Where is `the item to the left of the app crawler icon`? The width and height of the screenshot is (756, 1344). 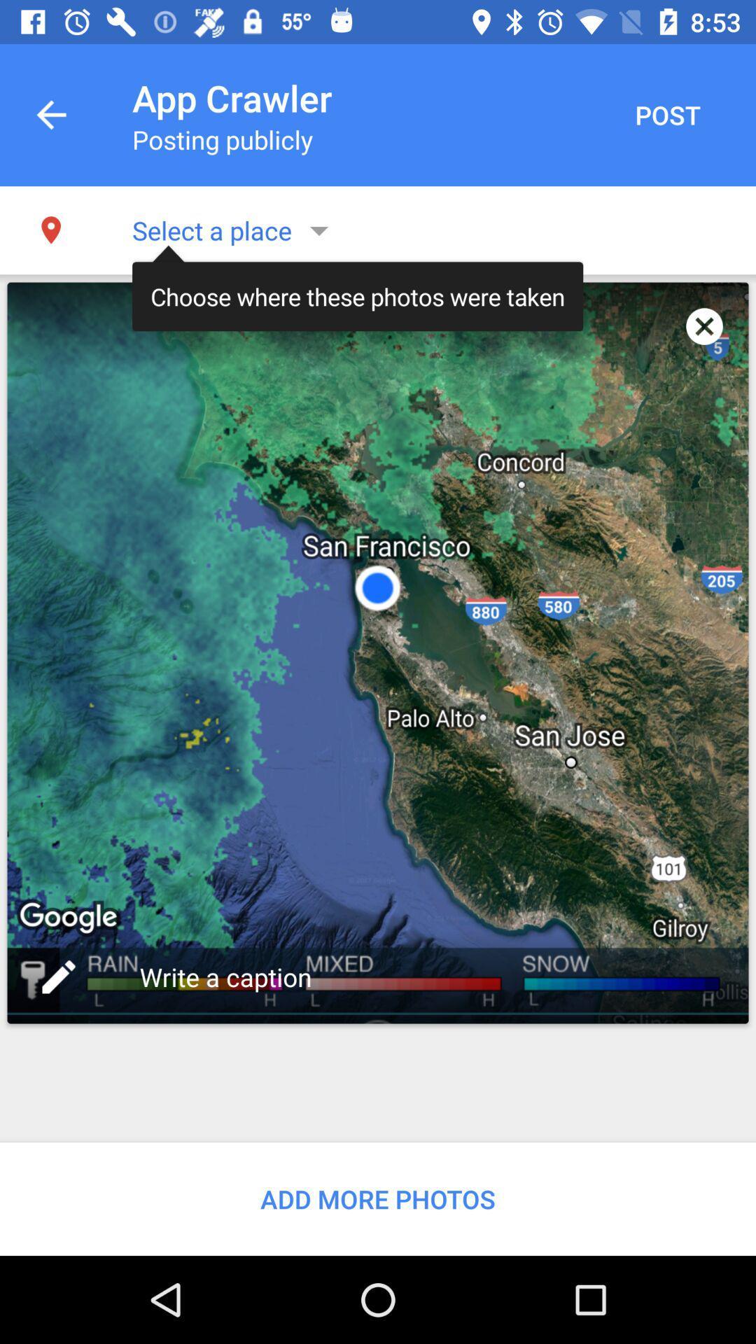 the item to the left of the app crawler icon is located at coordinates (50, 115).